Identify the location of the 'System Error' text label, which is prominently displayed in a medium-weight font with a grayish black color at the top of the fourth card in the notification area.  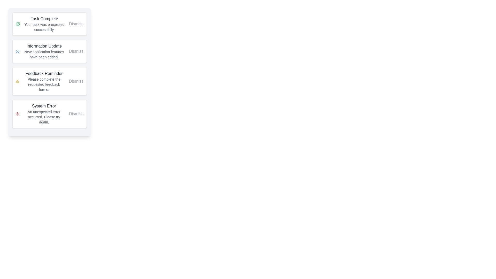
(44, 106).